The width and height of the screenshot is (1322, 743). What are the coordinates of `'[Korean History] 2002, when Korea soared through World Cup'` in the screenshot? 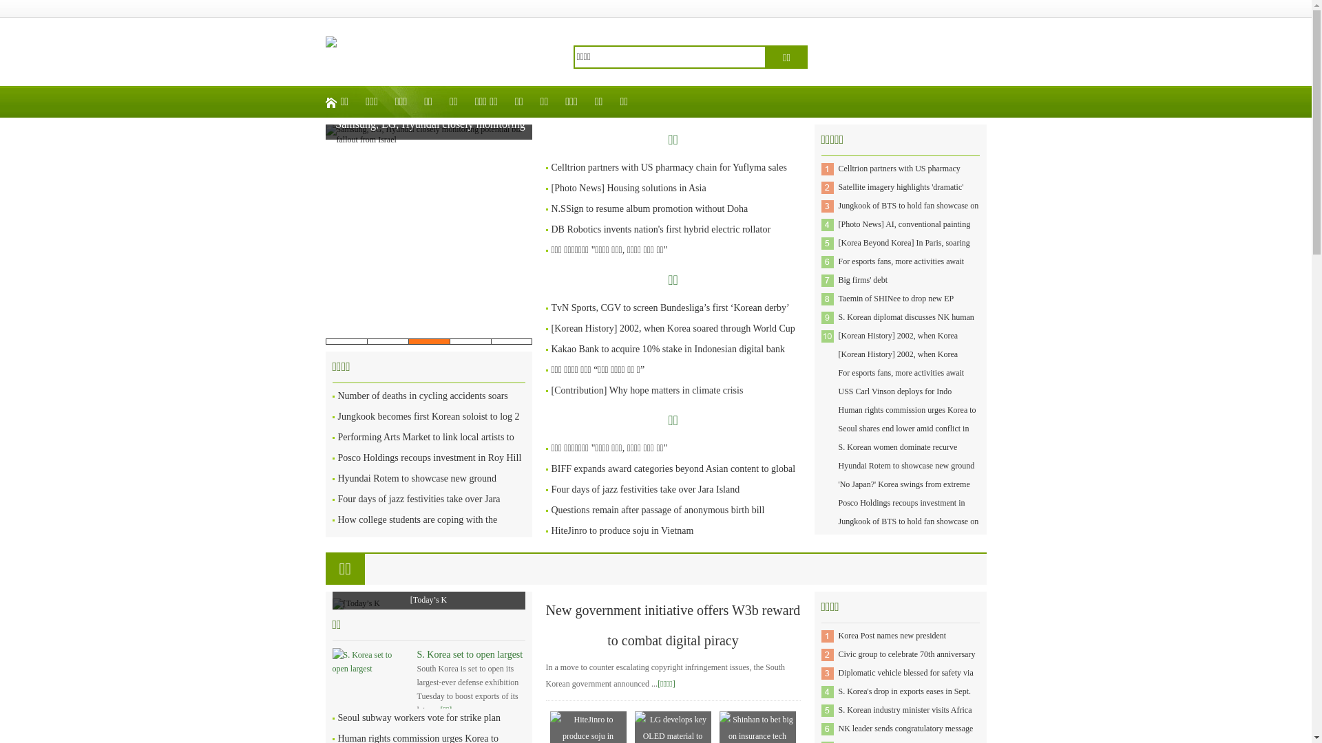 It's located at (899, 363).